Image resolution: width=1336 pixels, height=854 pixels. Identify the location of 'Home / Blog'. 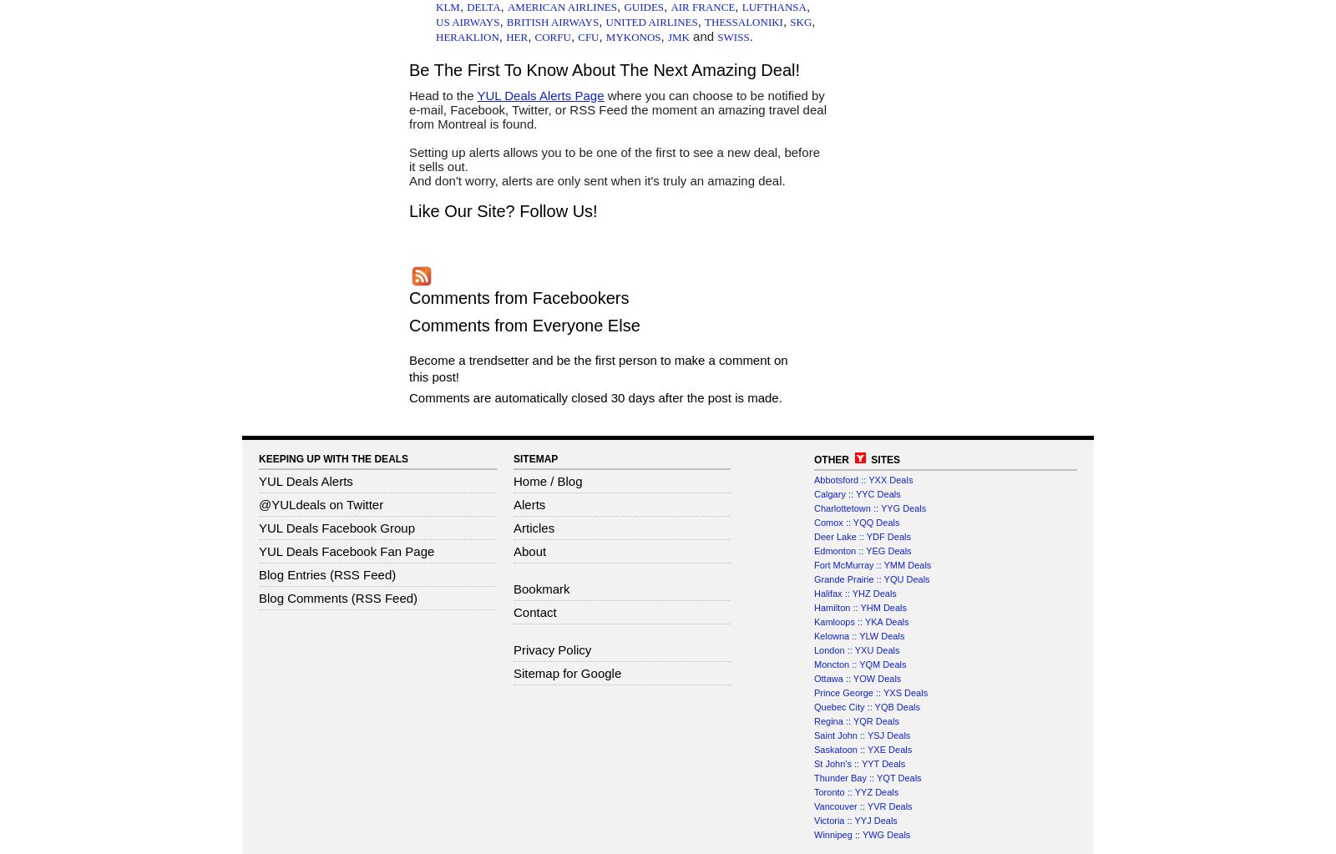
(548, 480).